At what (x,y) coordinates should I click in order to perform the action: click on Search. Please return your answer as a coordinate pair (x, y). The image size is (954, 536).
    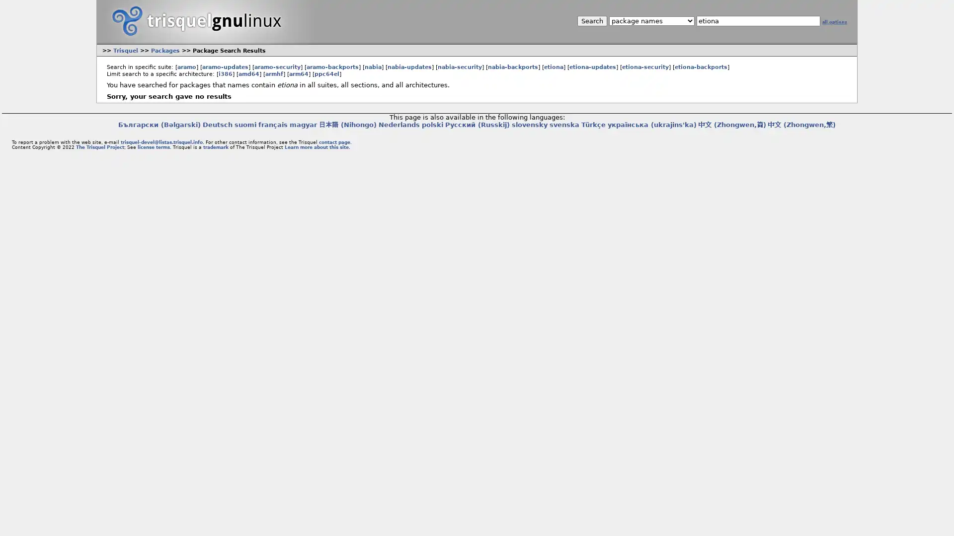
    Looking at the image, I should click on (591, 21).